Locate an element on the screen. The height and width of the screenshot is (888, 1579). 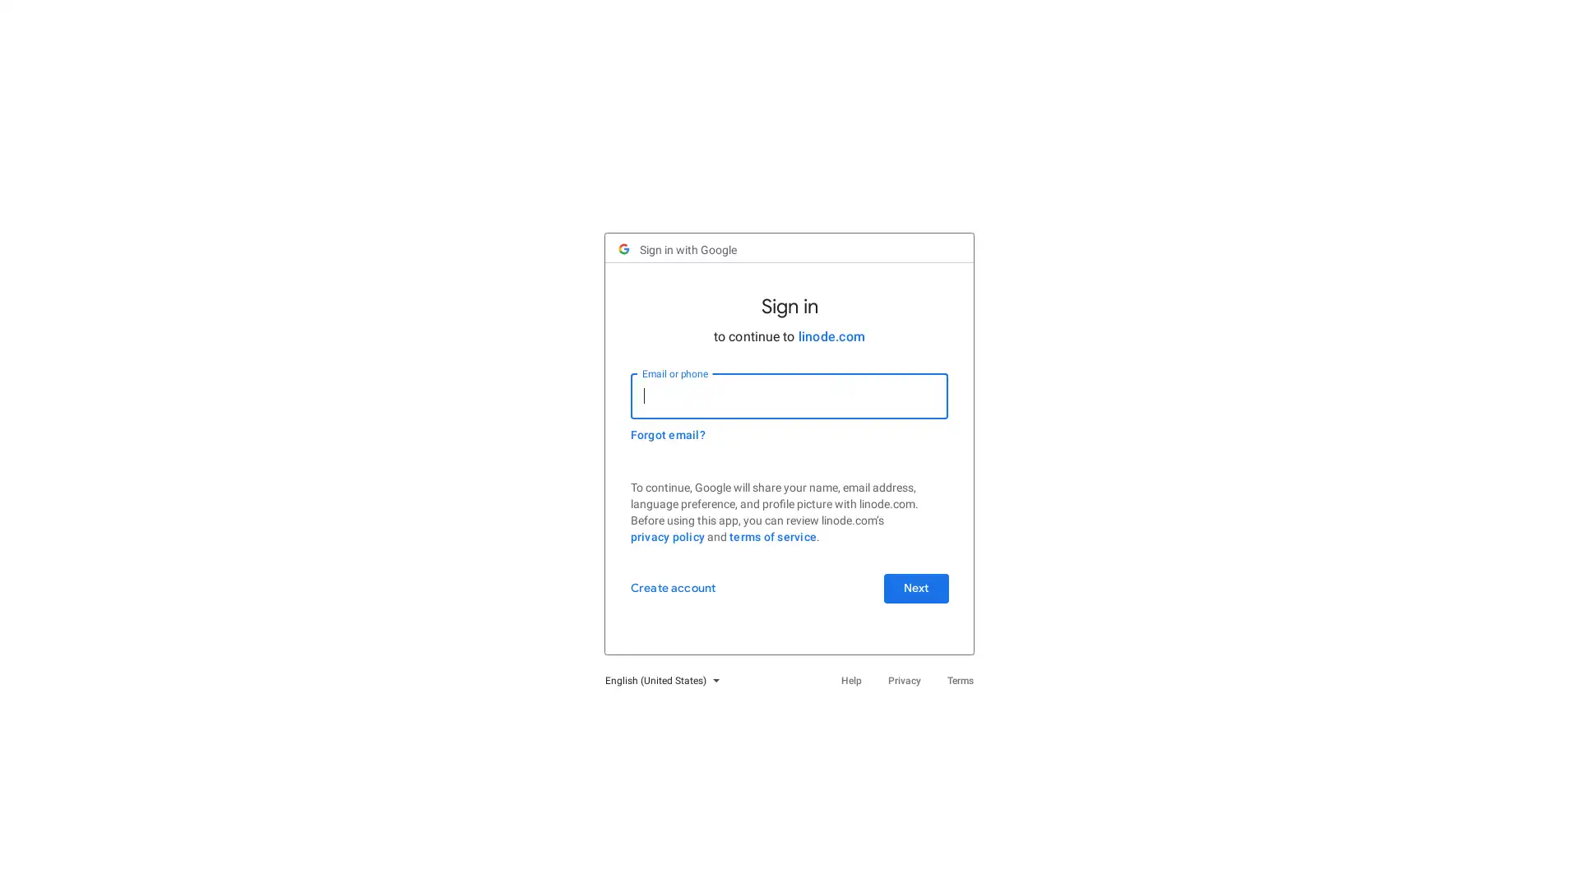
Next is located at coordinates (907, 594).